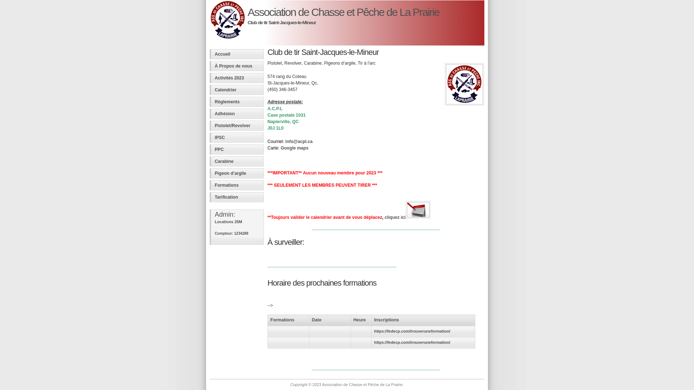  What do you see at coordinates (236, 90) in the screenshot?
I see `'Calendrier'` at bounding box center [236, 90].